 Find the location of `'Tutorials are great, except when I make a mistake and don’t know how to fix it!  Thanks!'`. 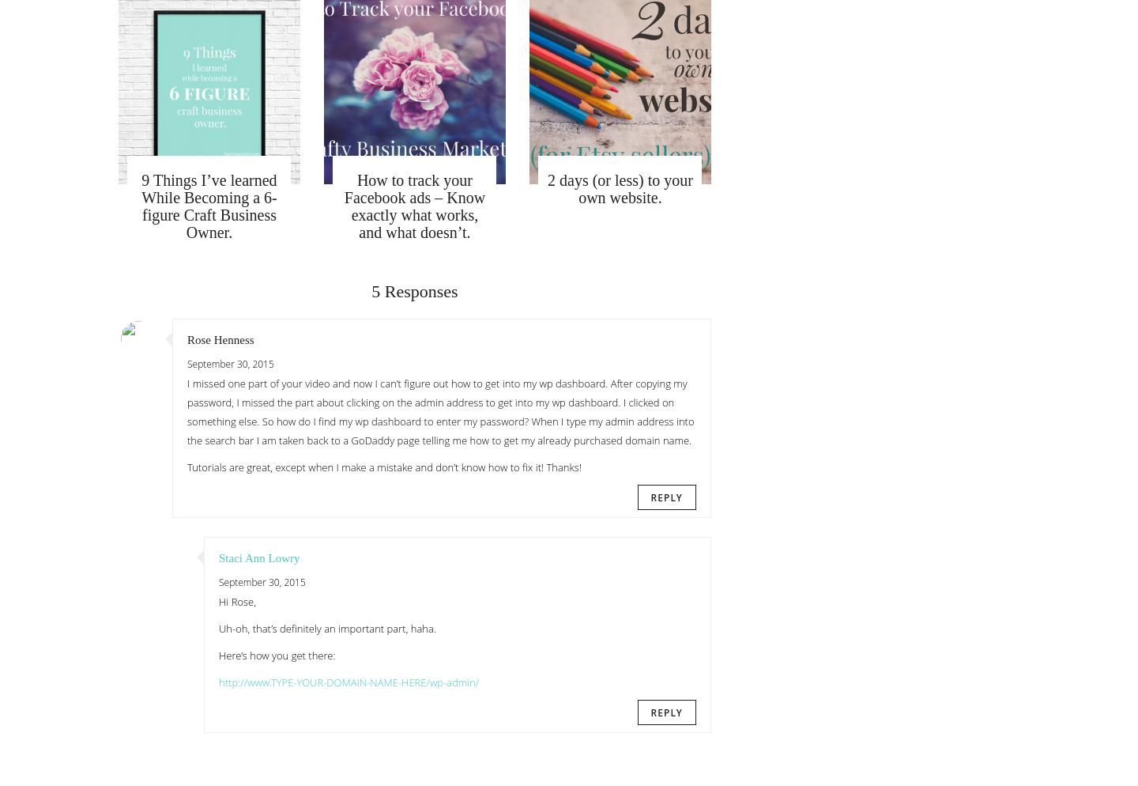

'Tutorials are great, except when I make a mistake and don’t know how to fix it!  Thanks!' is located at coordinates (383, 467).